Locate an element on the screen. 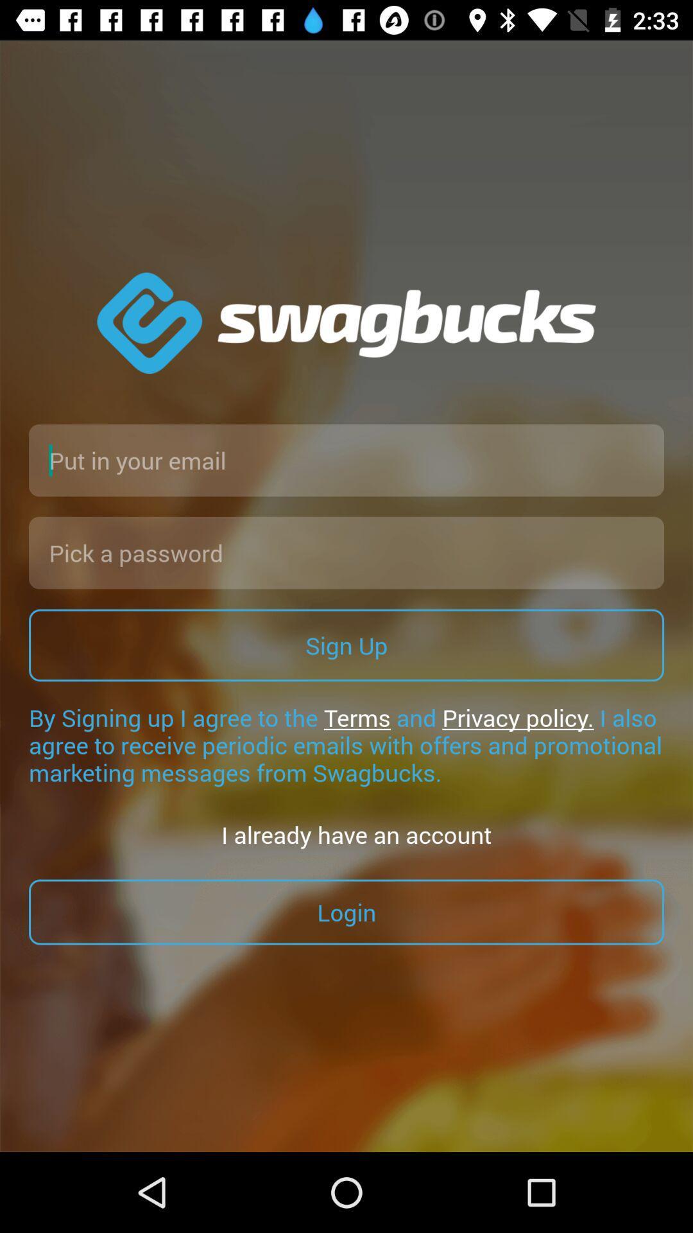 The width and height of the screenshot is (693, 1233). type in password is located at coordinates (346, 552).